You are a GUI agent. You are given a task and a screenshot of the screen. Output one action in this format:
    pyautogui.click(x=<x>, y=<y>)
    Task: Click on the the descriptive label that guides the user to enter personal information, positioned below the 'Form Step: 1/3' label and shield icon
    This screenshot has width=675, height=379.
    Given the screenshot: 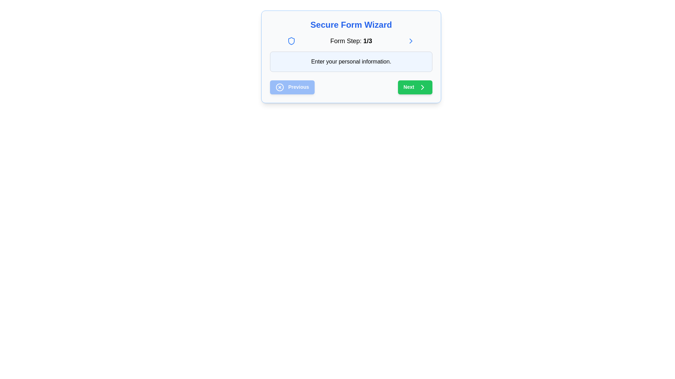 What is the action you would take?
    pyautogui.click(x=351, y=61)
    